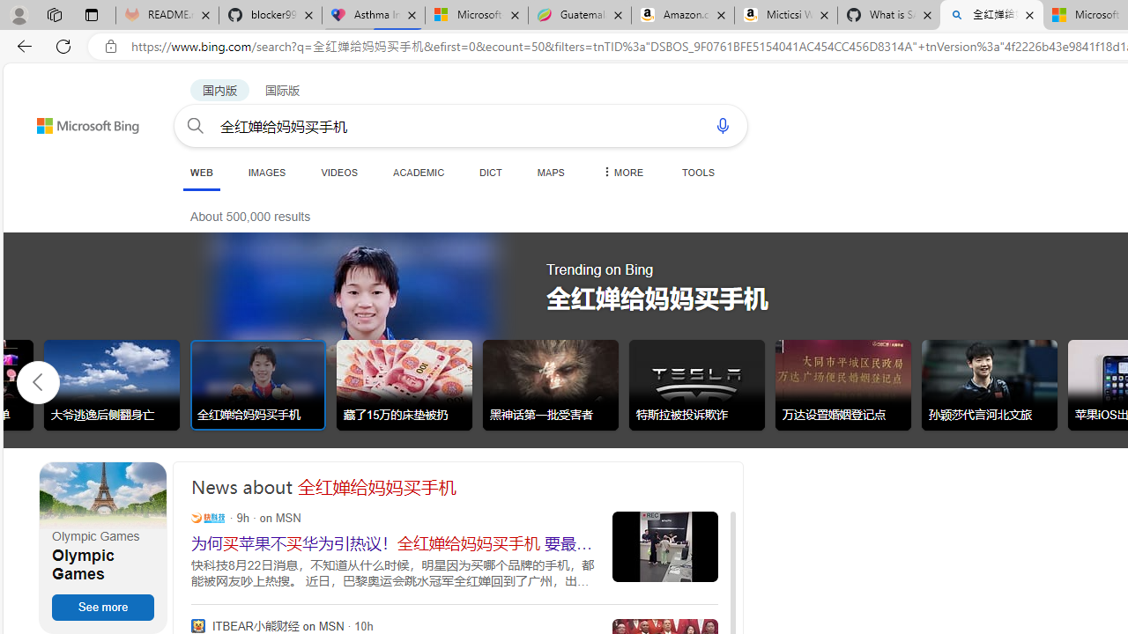 This screenshot has height=634, width=1128. I want to click on 'MAPS', so click(550, 172).